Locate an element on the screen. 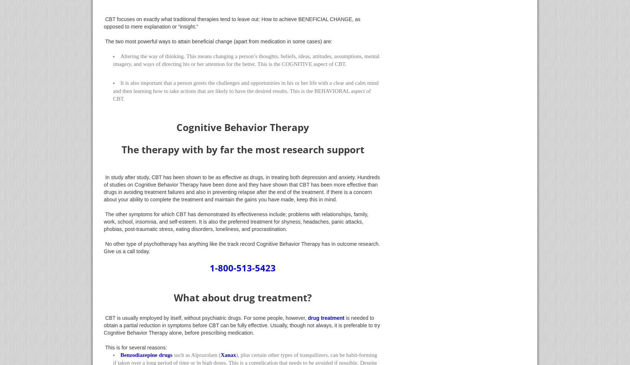 The height and width of the screenshot is (365, 630). 'The two most powerful ways to attain beneficial change (apart from medication in some cases) are:' is located at coordinates (103, 41).